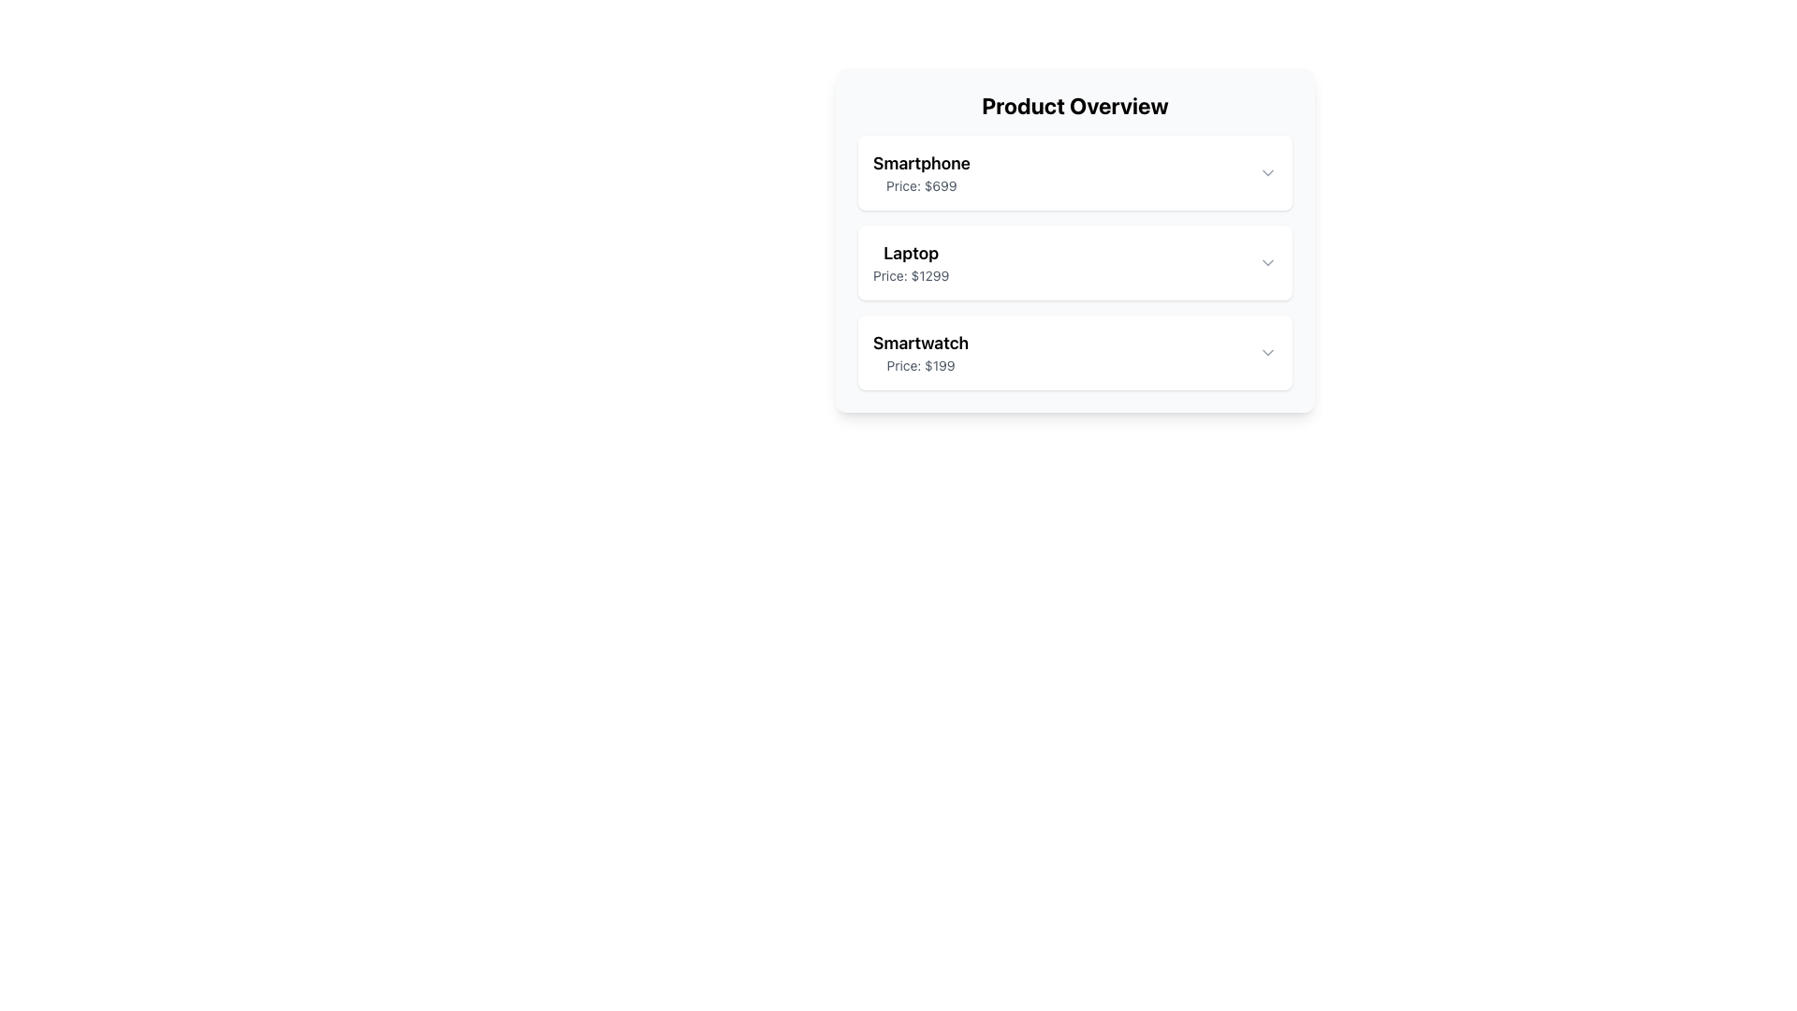  What do you see at coordinates (921, 343) in the screenshot?
I see `the text label displaying 'Smartwatch', which is the first line of text in the third product card under 'Product Overview'` at bounding box center [921, 343].